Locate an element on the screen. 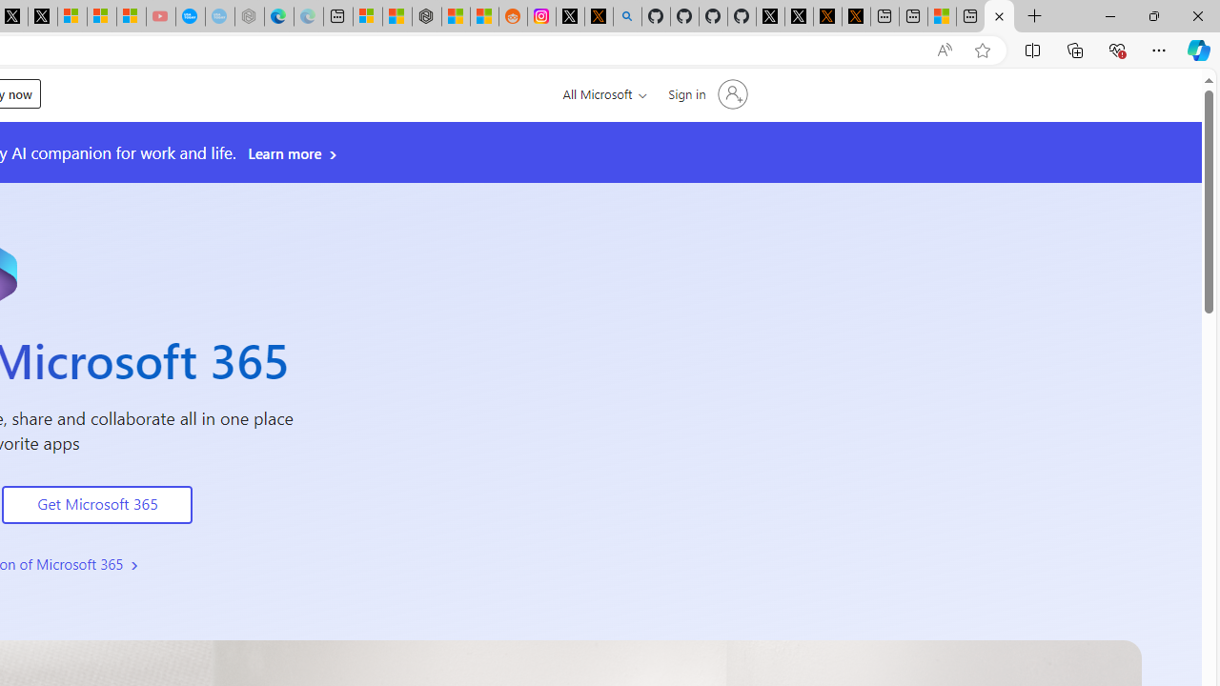 This screenshot has height=686, width=1220. 'The most popular Google ' is located at coordinates (220, 16).